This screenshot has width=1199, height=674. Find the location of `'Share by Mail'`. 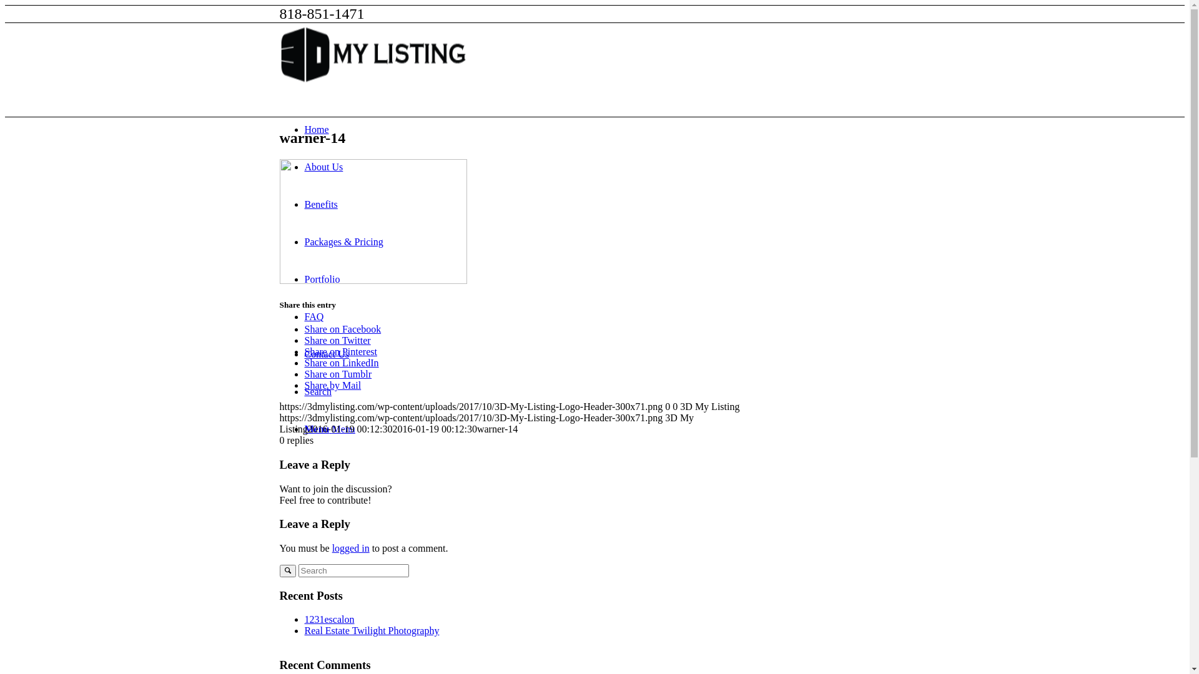

'Share by Mail' is located at coordinates (305, 384).